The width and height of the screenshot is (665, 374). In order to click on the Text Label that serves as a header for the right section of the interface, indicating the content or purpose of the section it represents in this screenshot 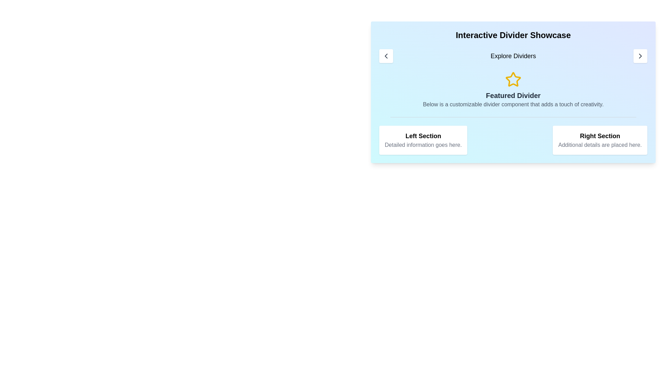, I will do `click(600, 136)`.